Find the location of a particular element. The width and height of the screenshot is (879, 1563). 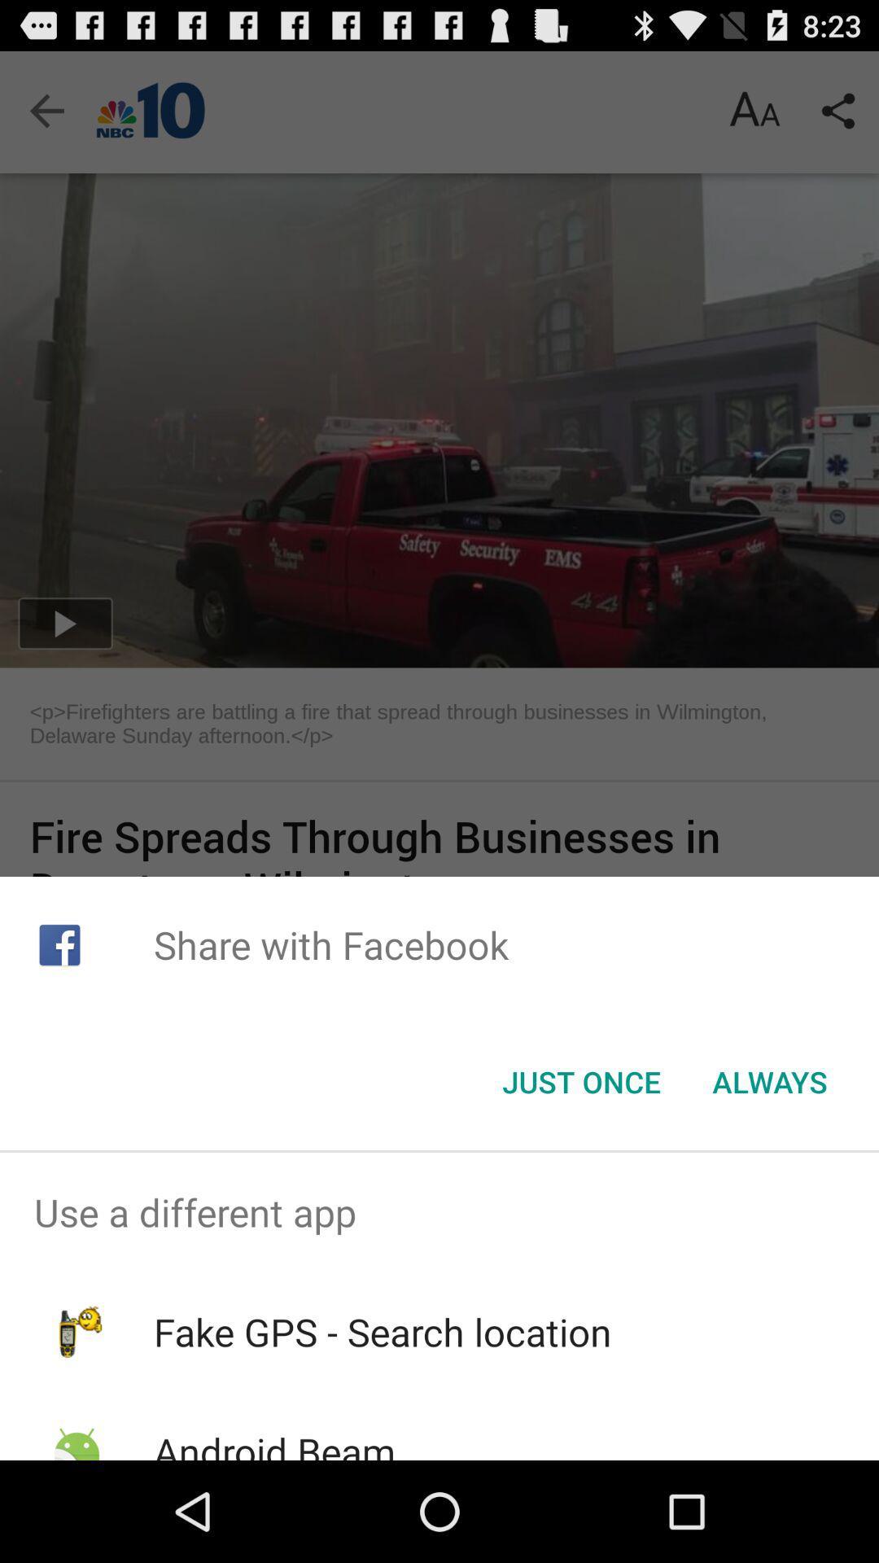

the item next to the always item is located at coordinates (580, 1082).